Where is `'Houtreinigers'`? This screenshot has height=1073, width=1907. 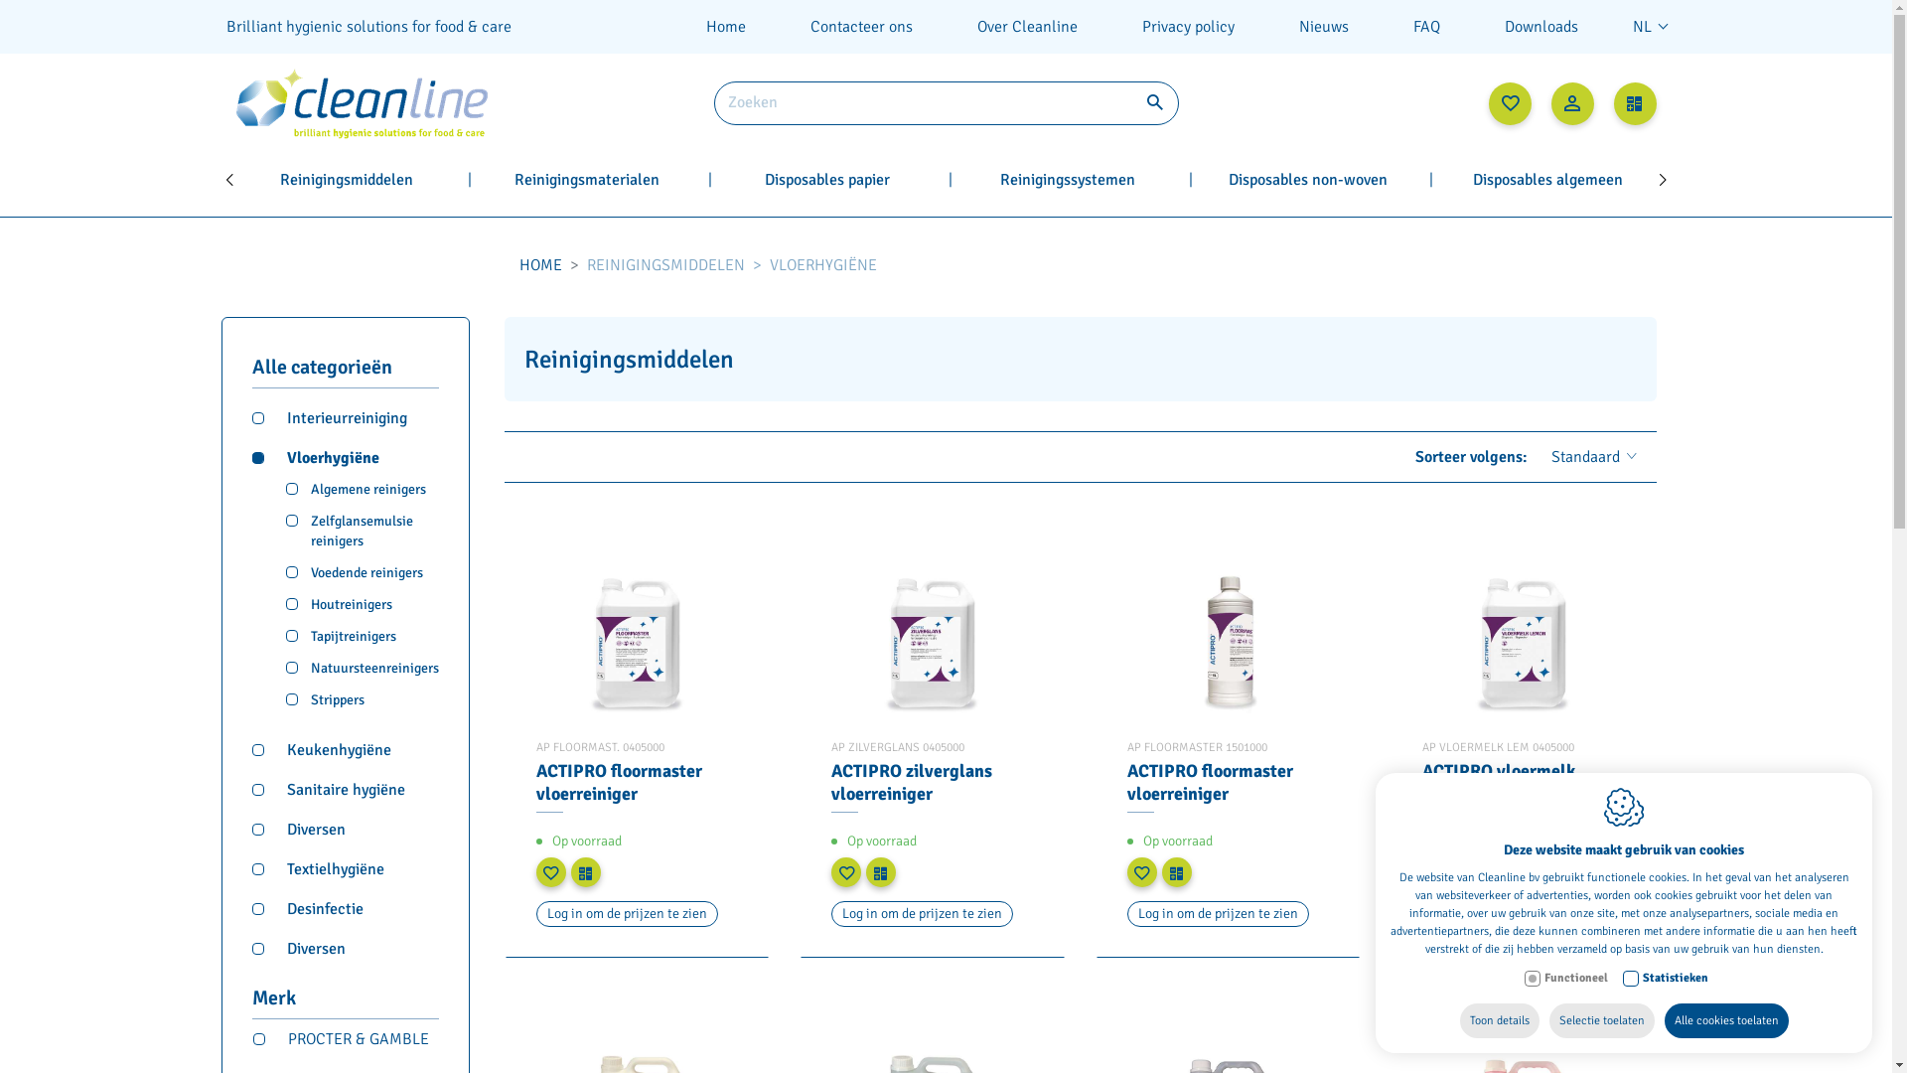 'Houtreinigers' is located at coordinates (362, 597).